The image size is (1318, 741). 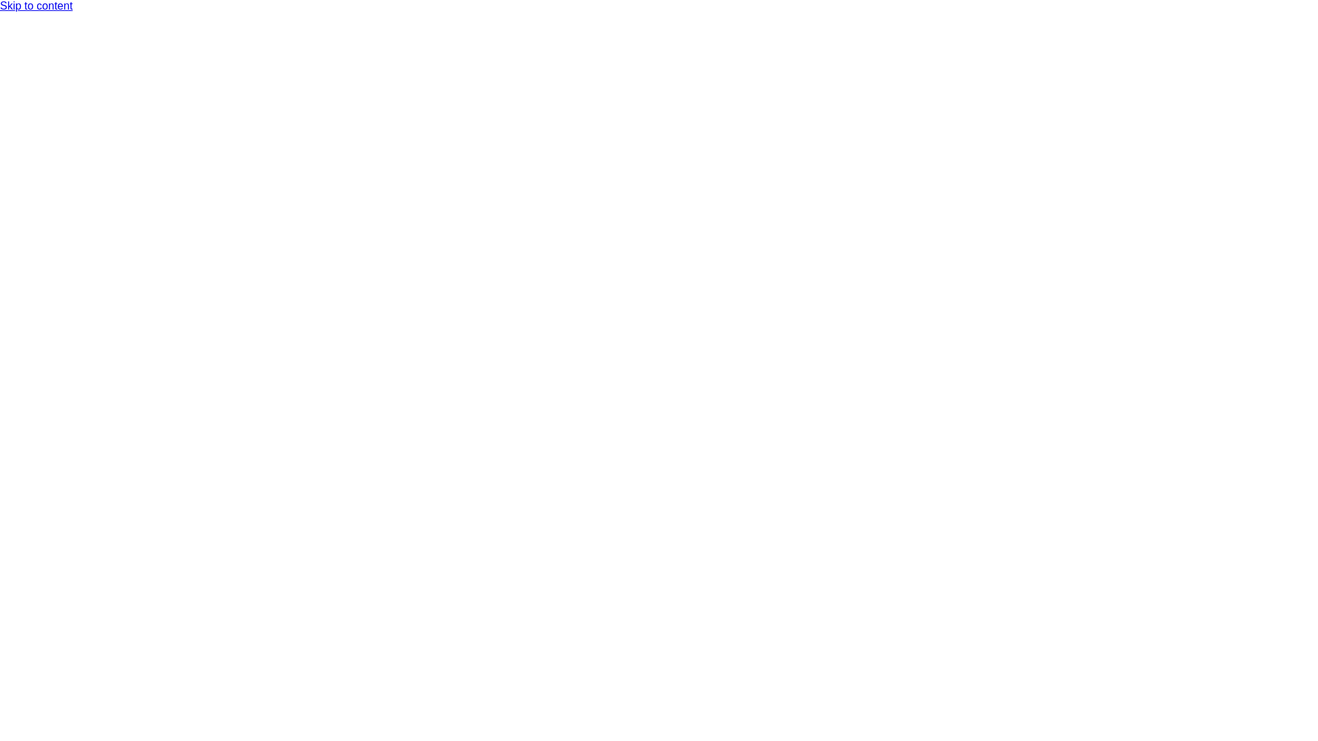 What do you see at coordinates (36, 5) in the screenshot?
I see `'Skip to content'` at bounding box center [36, 5].